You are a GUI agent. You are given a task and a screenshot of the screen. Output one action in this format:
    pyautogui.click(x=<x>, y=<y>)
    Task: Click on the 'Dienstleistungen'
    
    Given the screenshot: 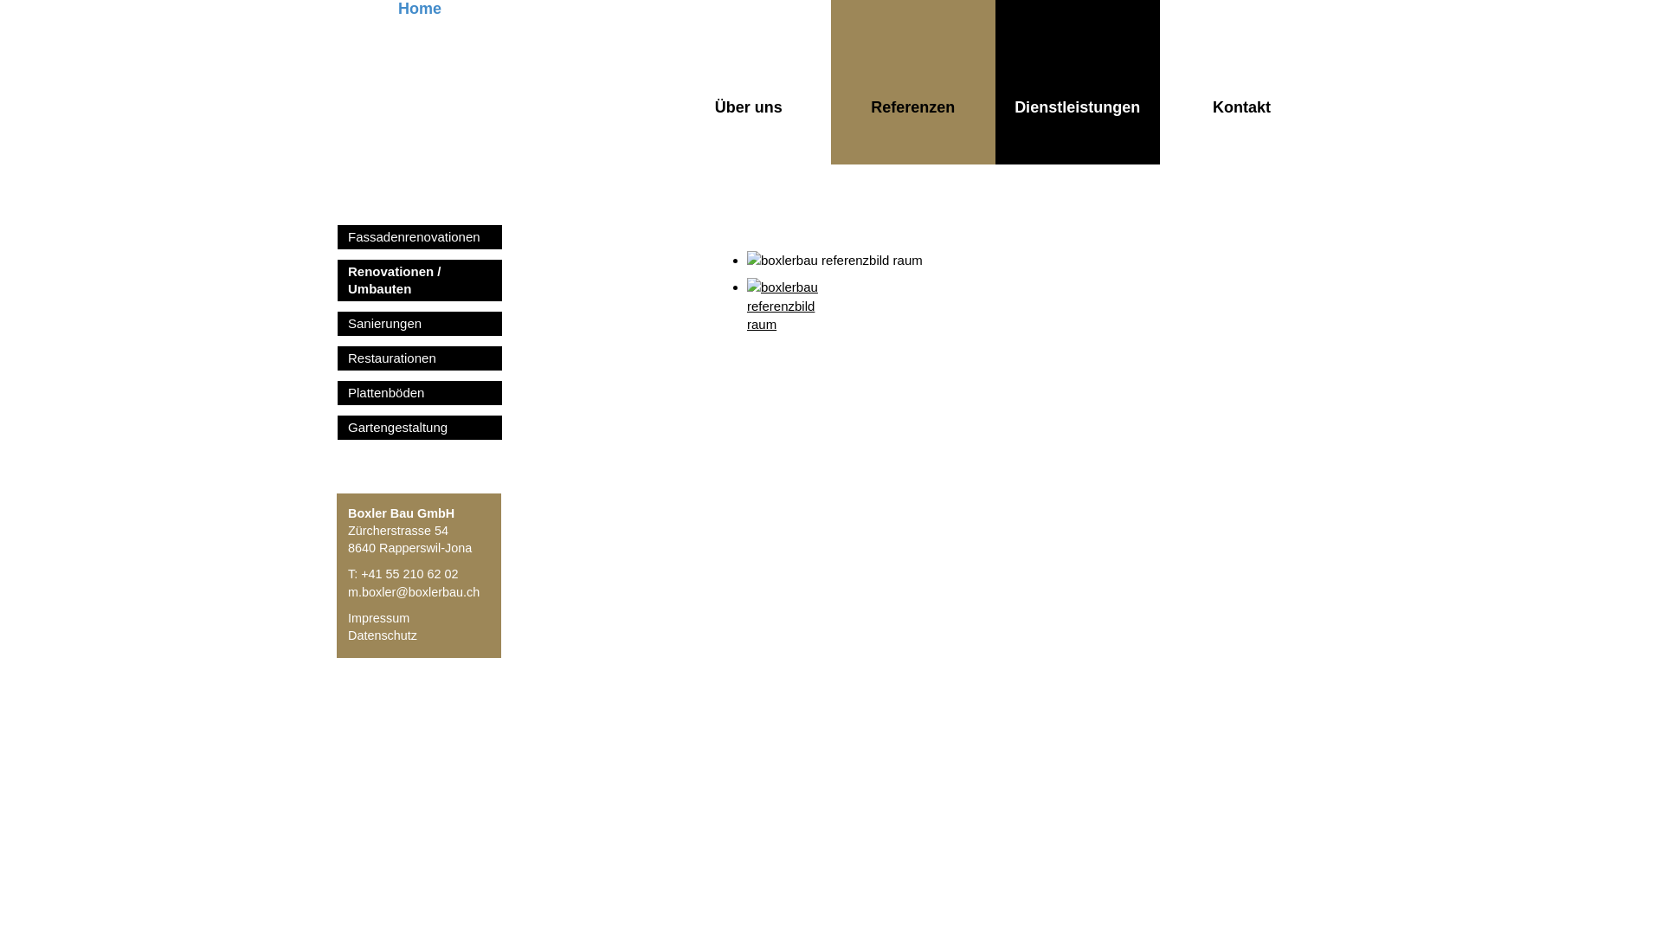 What is the action you would take?
    pyautogui.click(x=1076, y=82)
    